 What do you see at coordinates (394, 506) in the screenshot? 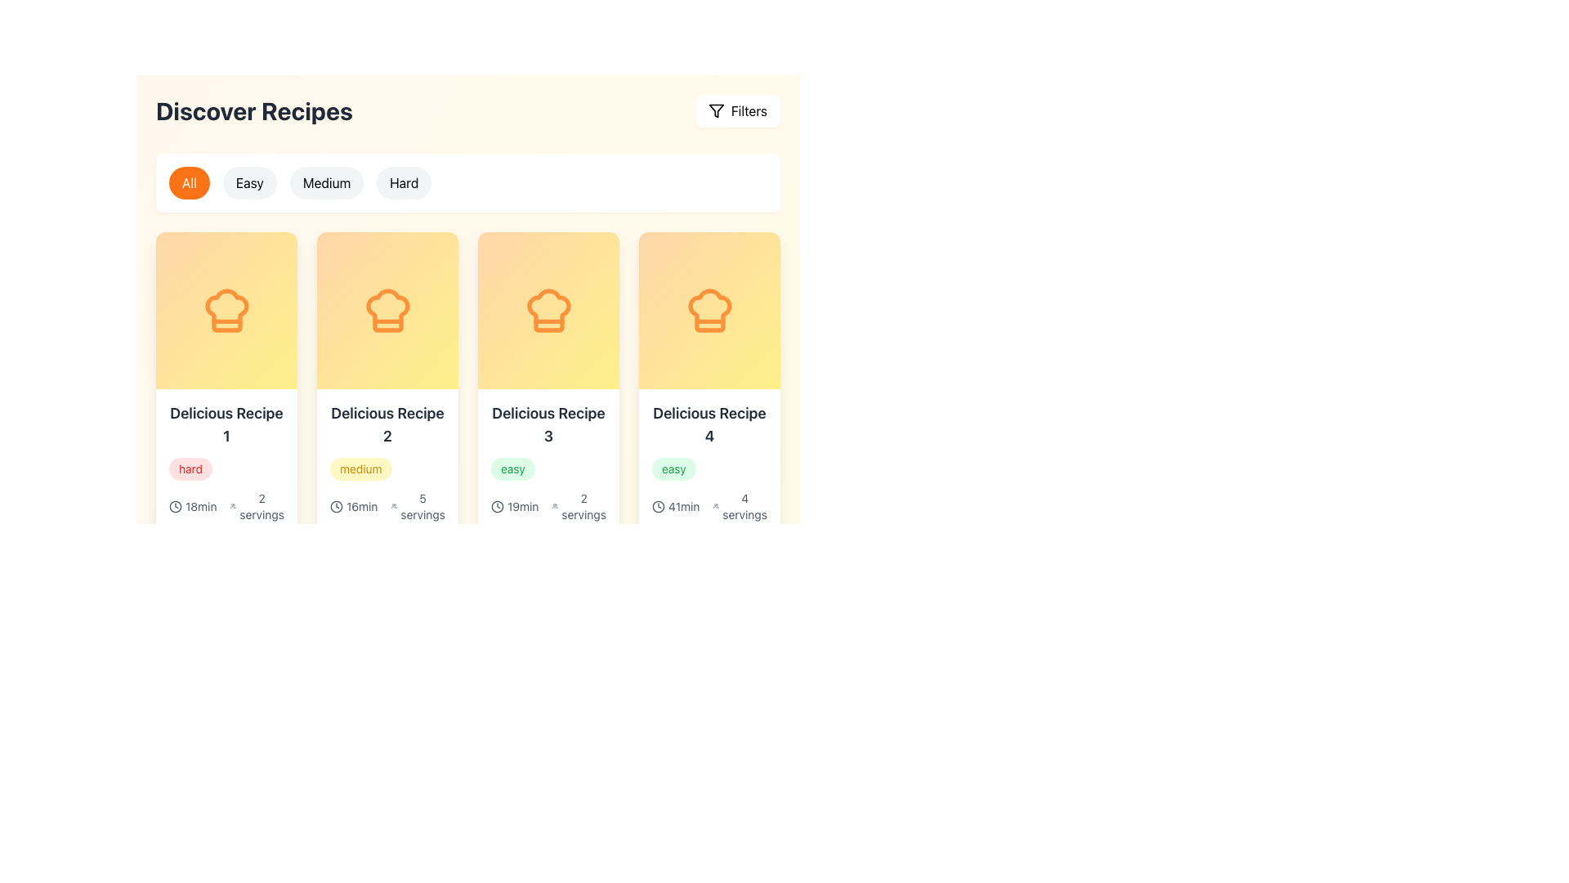
I see `the serving size icon located to the left of the text '5 servings' in the second card labeled 'Delicious Recipe 2', positioned near the bottom of the card` at bounding box center [394, 506].